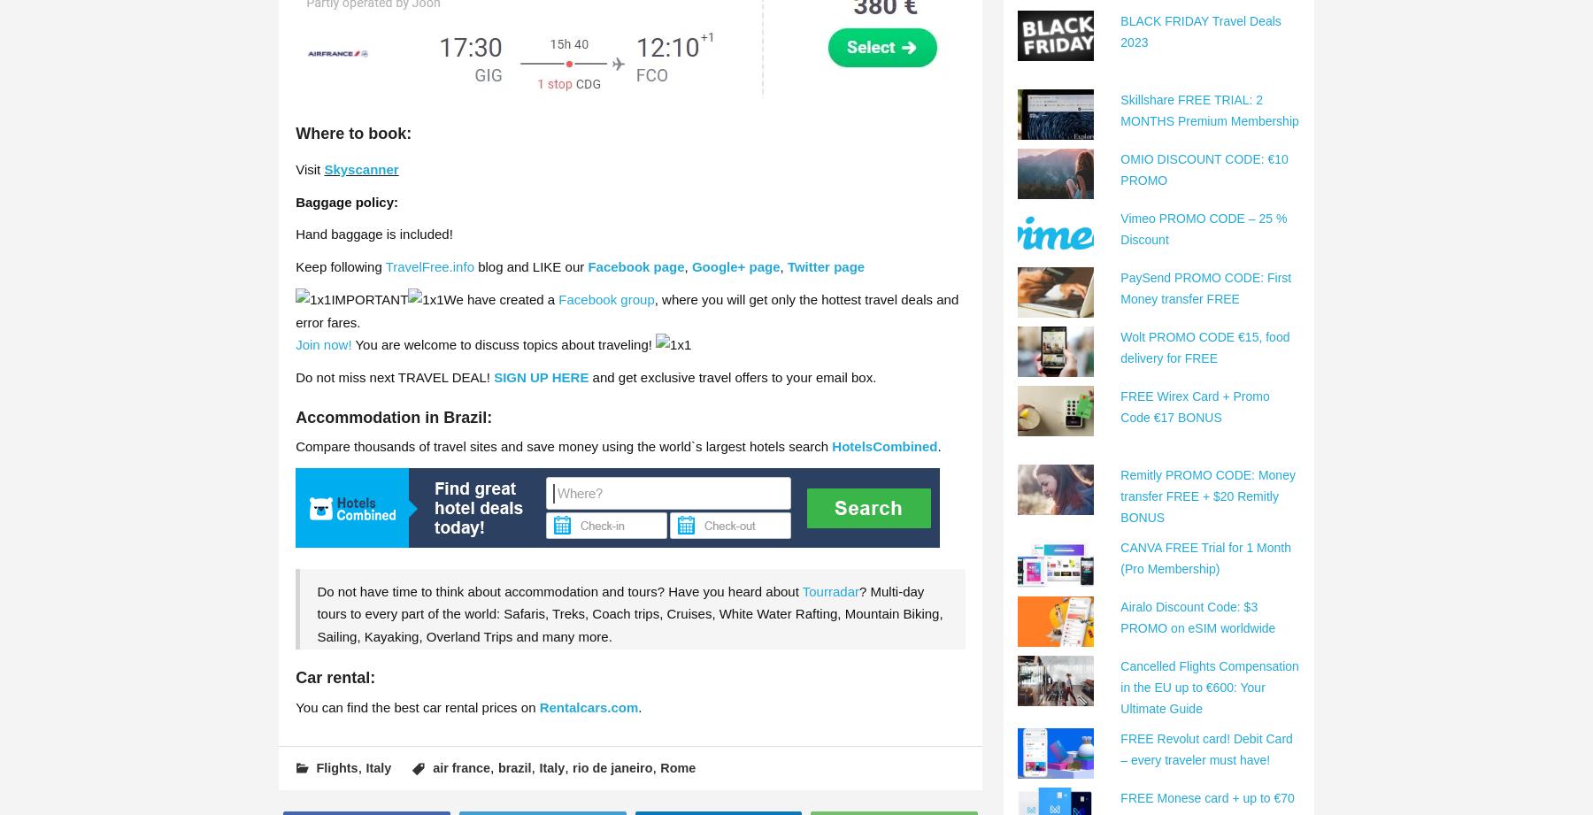  What do you see at coordinates (828, 590) in the screenshot?
I see `'Tourradar'` at bounding box center [828, 590].